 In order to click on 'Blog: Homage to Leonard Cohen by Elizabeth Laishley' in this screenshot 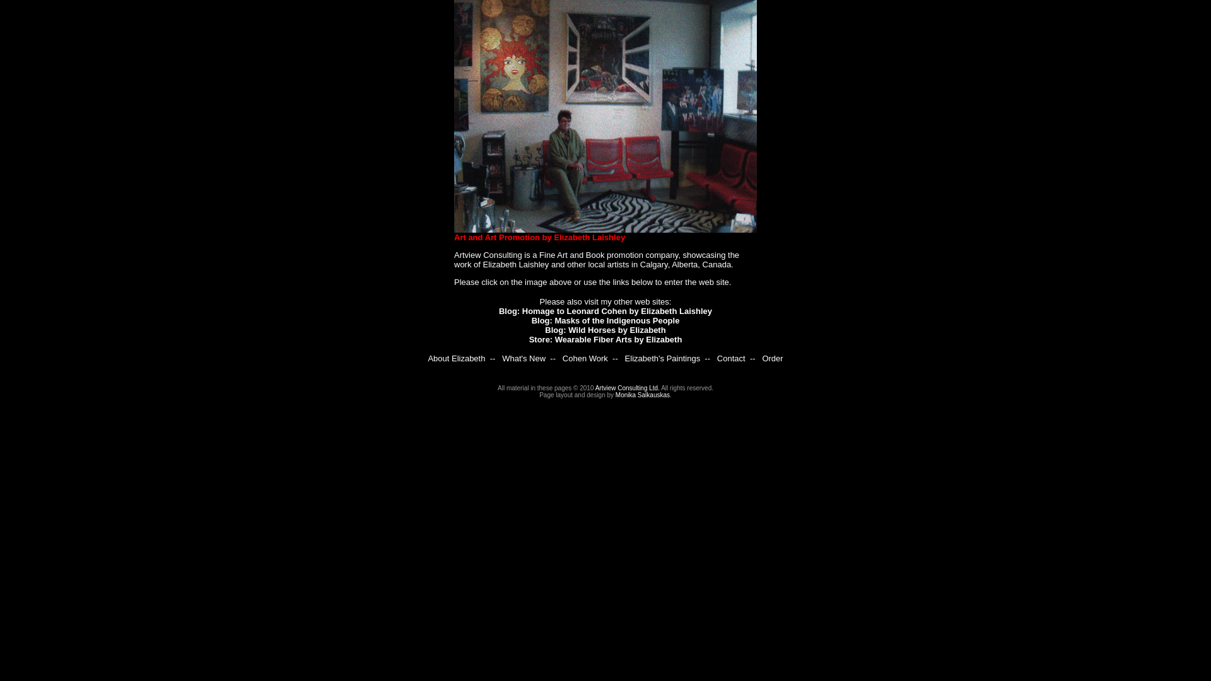, I will do `click(605, 311)`.